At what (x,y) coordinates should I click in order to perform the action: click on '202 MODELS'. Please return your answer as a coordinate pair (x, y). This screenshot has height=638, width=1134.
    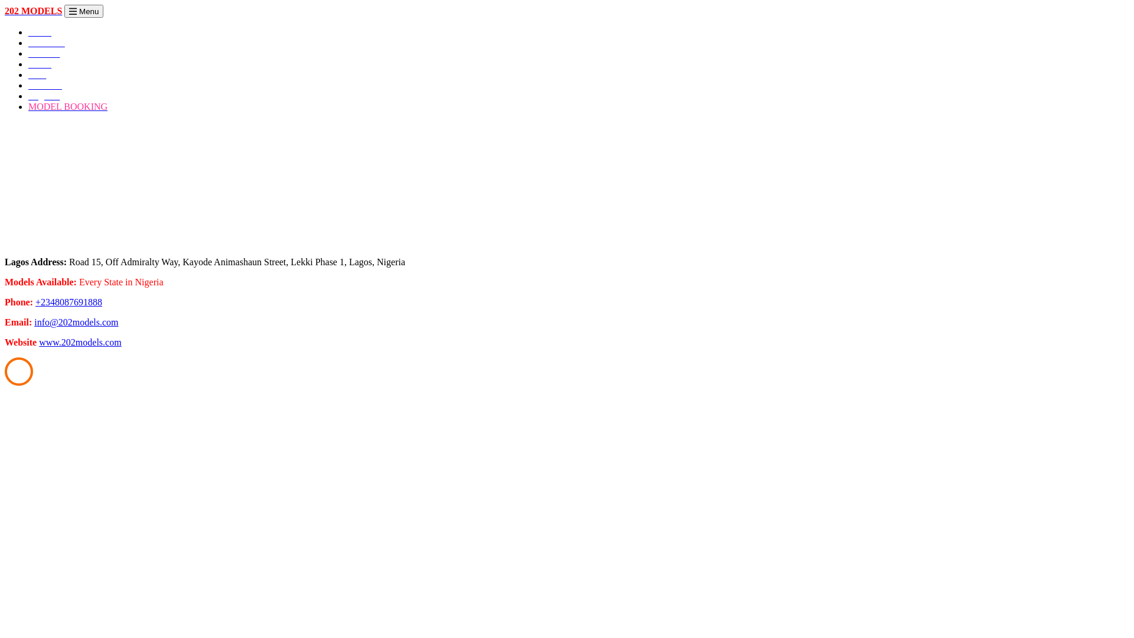
    Looking at the image, I should click on (33, 11).